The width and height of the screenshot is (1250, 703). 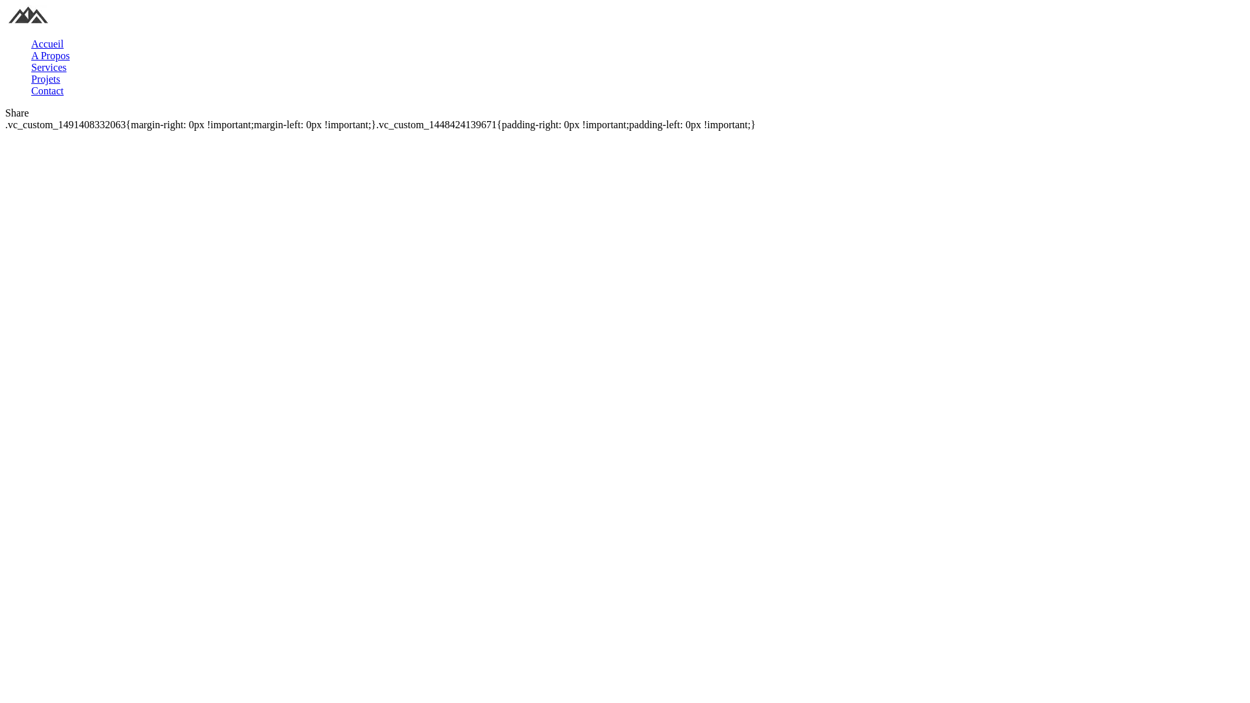 What do you see at coordinates (50, 55) in the screenshot?
I see `'A Propos'` at bounding box center [50, 55].